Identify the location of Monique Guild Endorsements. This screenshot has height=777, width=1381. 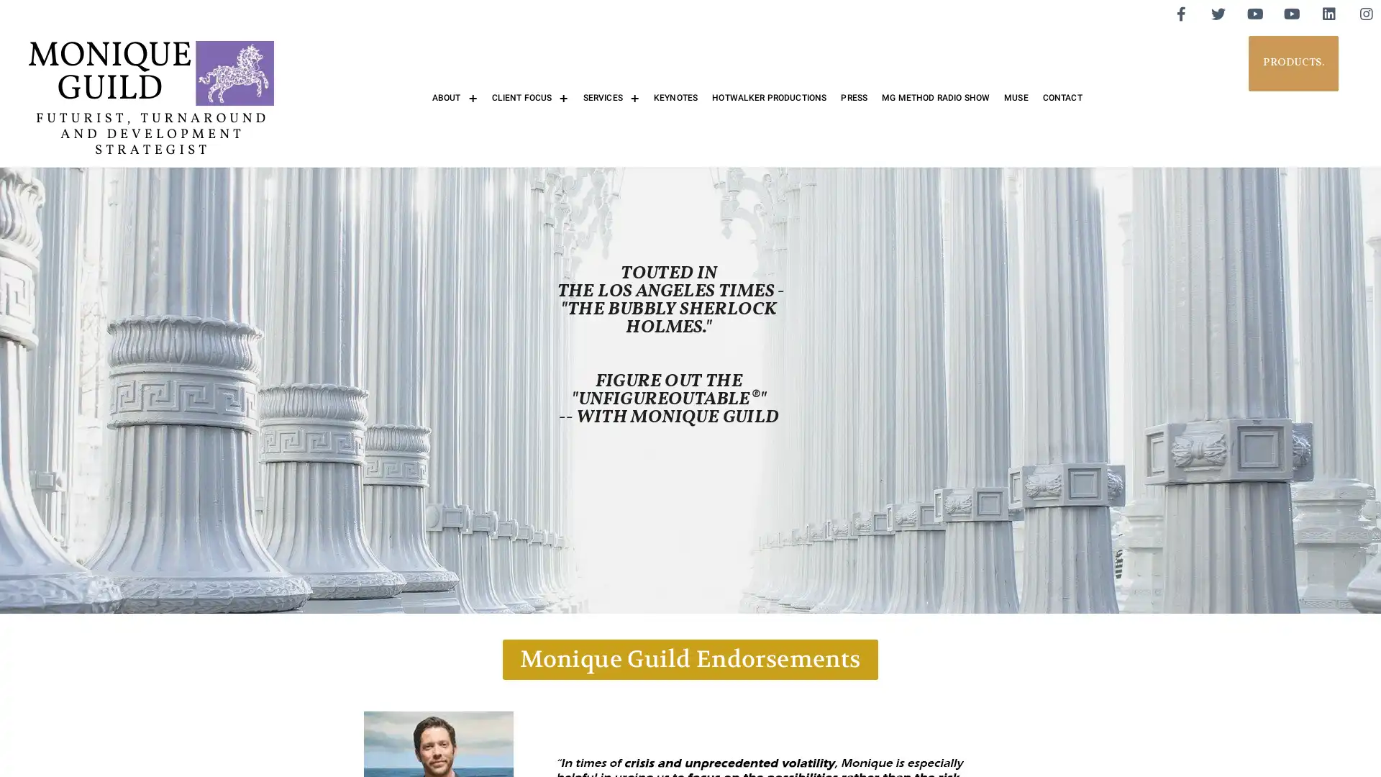
(689, 660).